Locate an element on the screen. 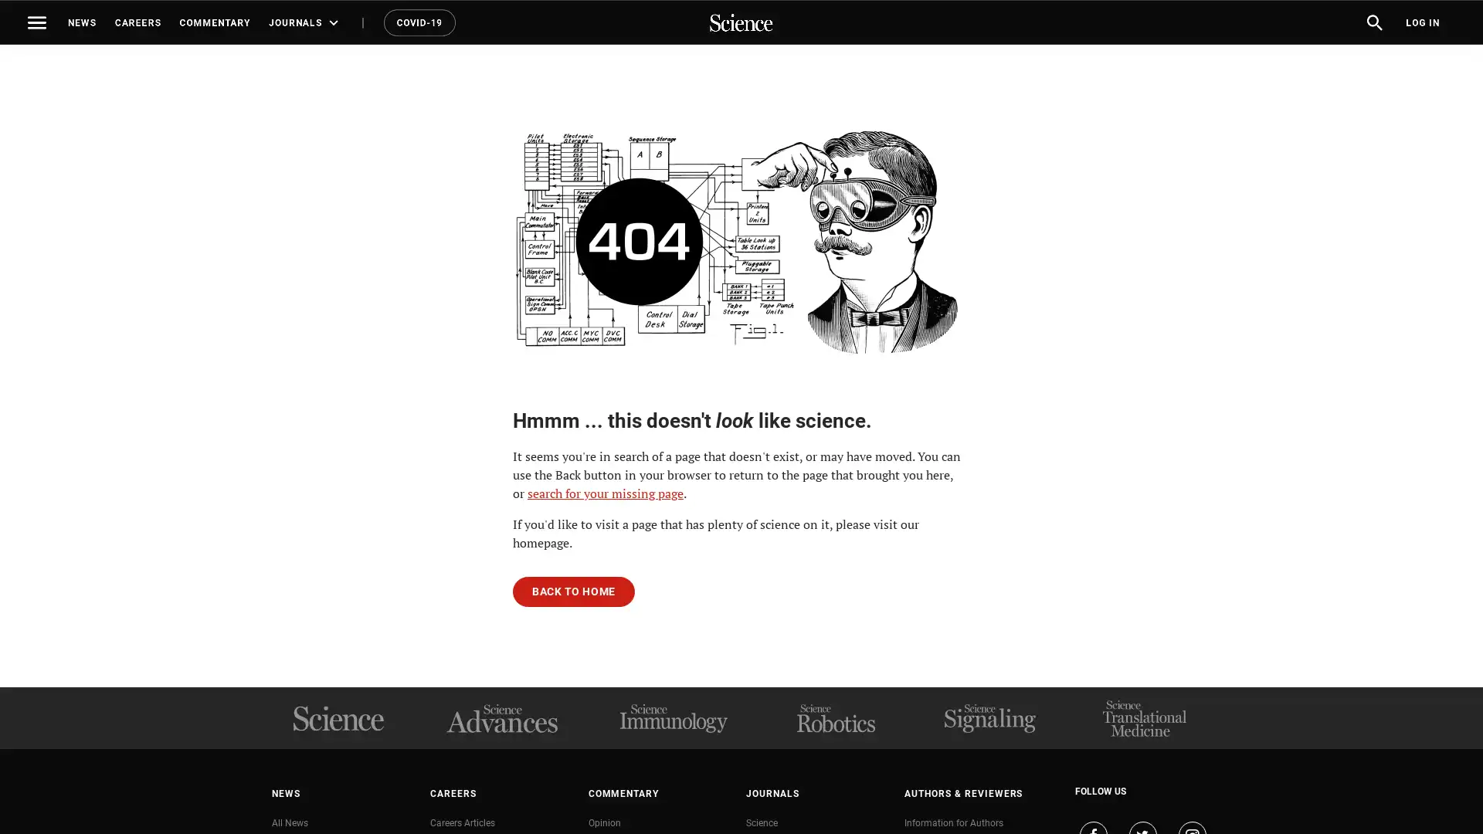 This screenshot has width=1483, height=834. JOURNALS is located at coordinates (305, 22).